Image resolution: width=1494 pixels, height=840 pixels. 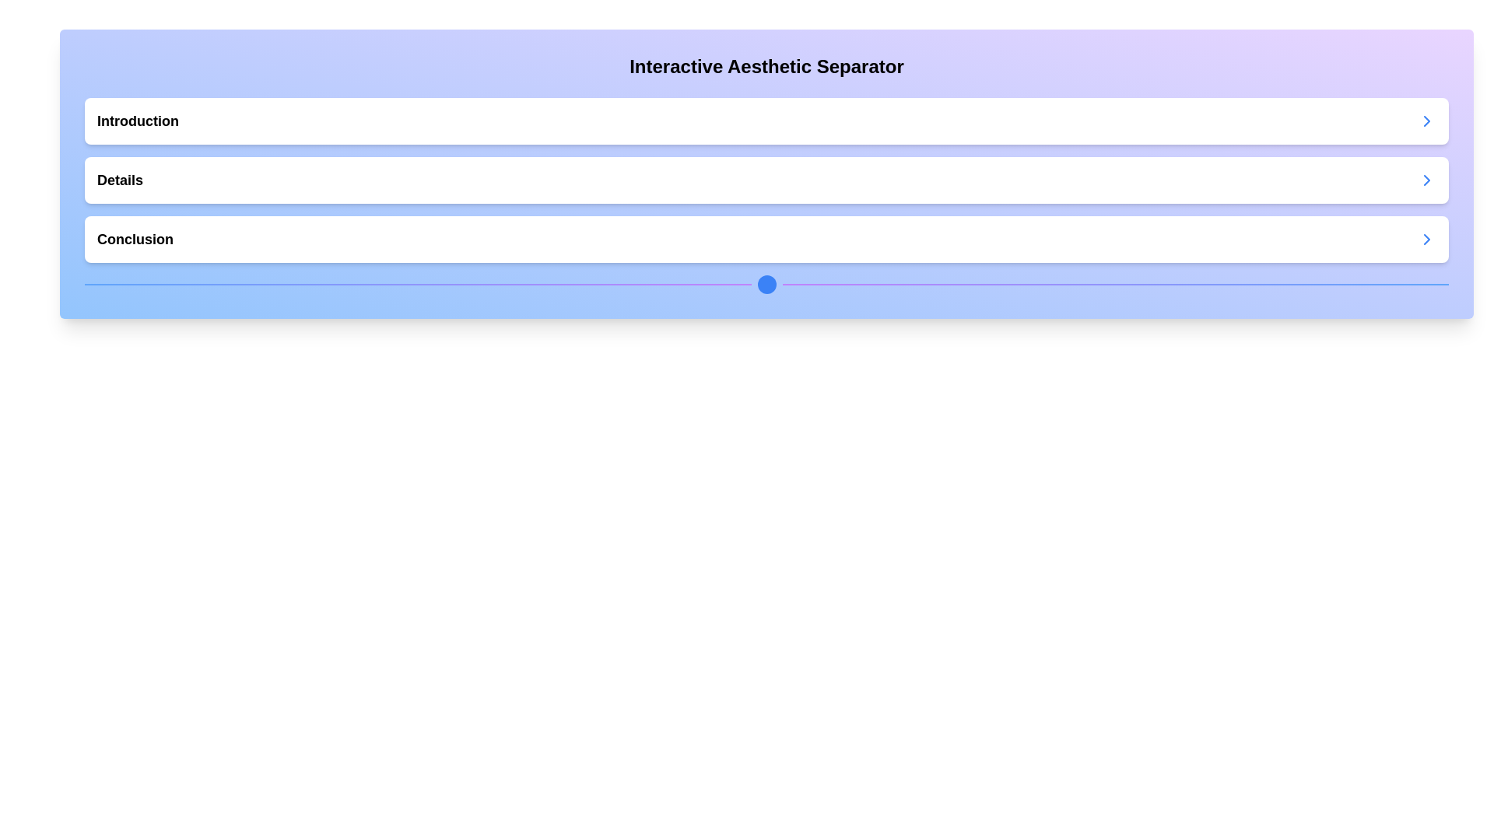 What do you see at coordinates (766, 285) in the screenshot?
I see `the small circular marker with a blue background, which is positioned centrally between two colorful gradient segments on the layout` at bounding box center [766, 285].